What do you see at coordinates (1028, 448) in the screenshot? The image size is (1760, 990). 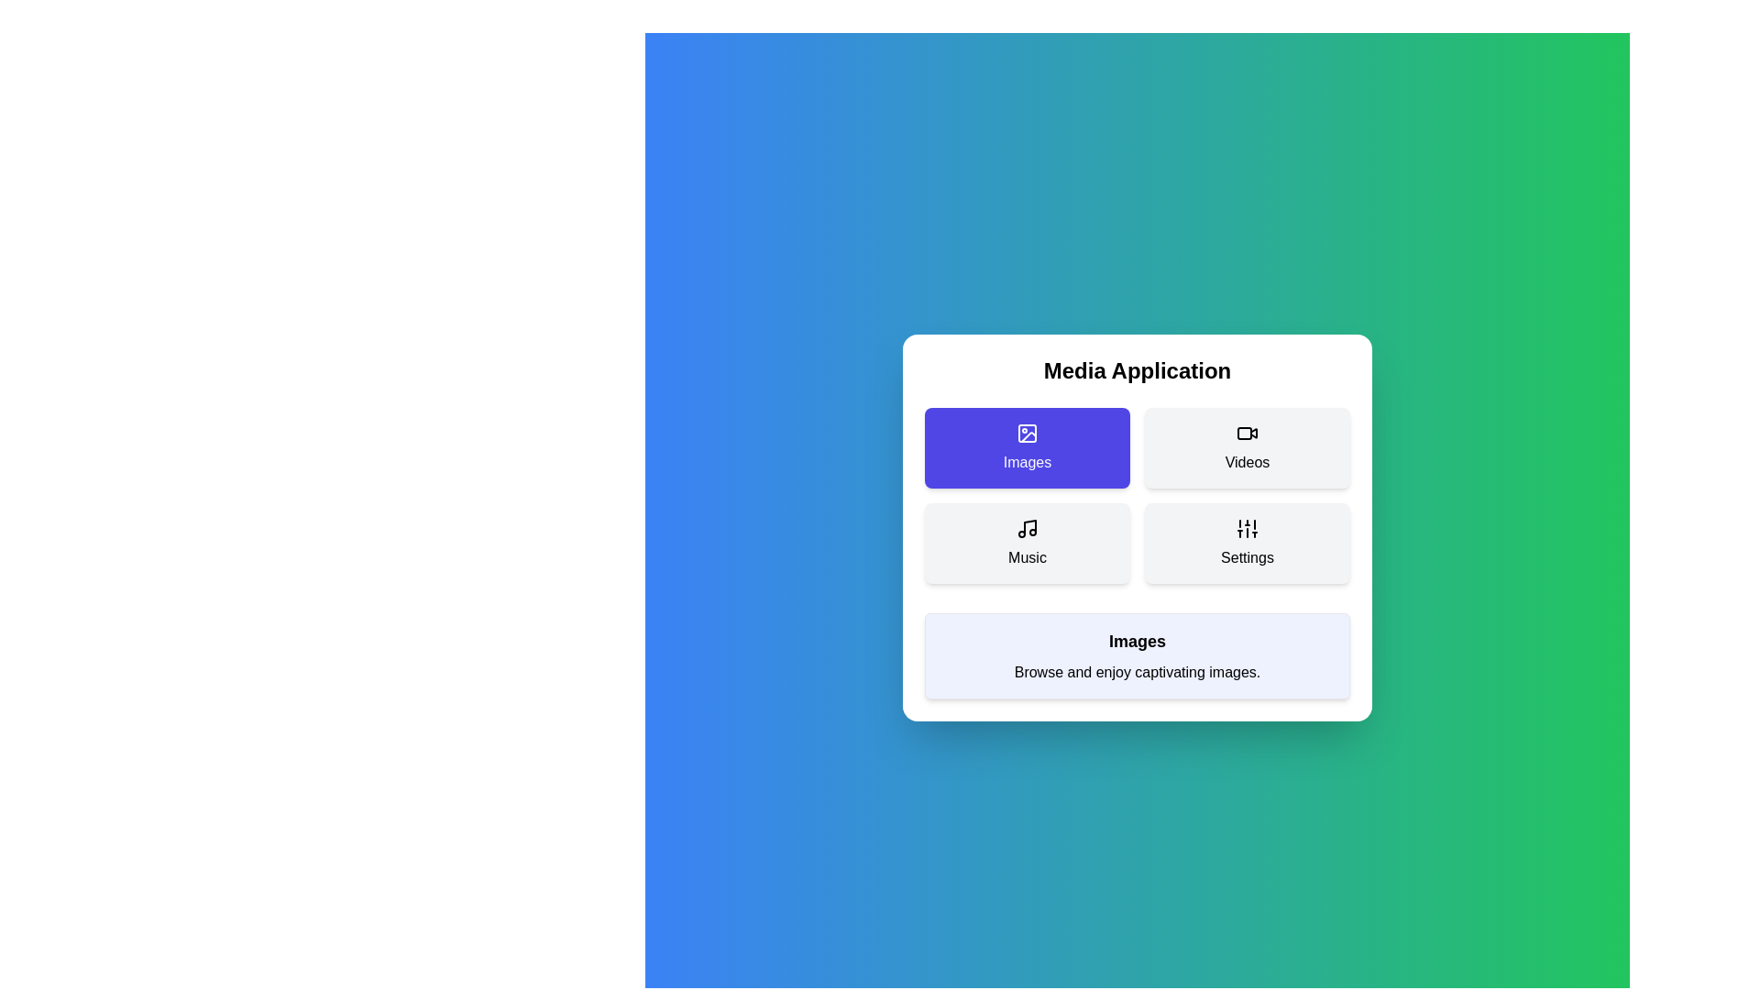 I see `the menu item Images to see its hover effect` at bounding box center [1028, 448].